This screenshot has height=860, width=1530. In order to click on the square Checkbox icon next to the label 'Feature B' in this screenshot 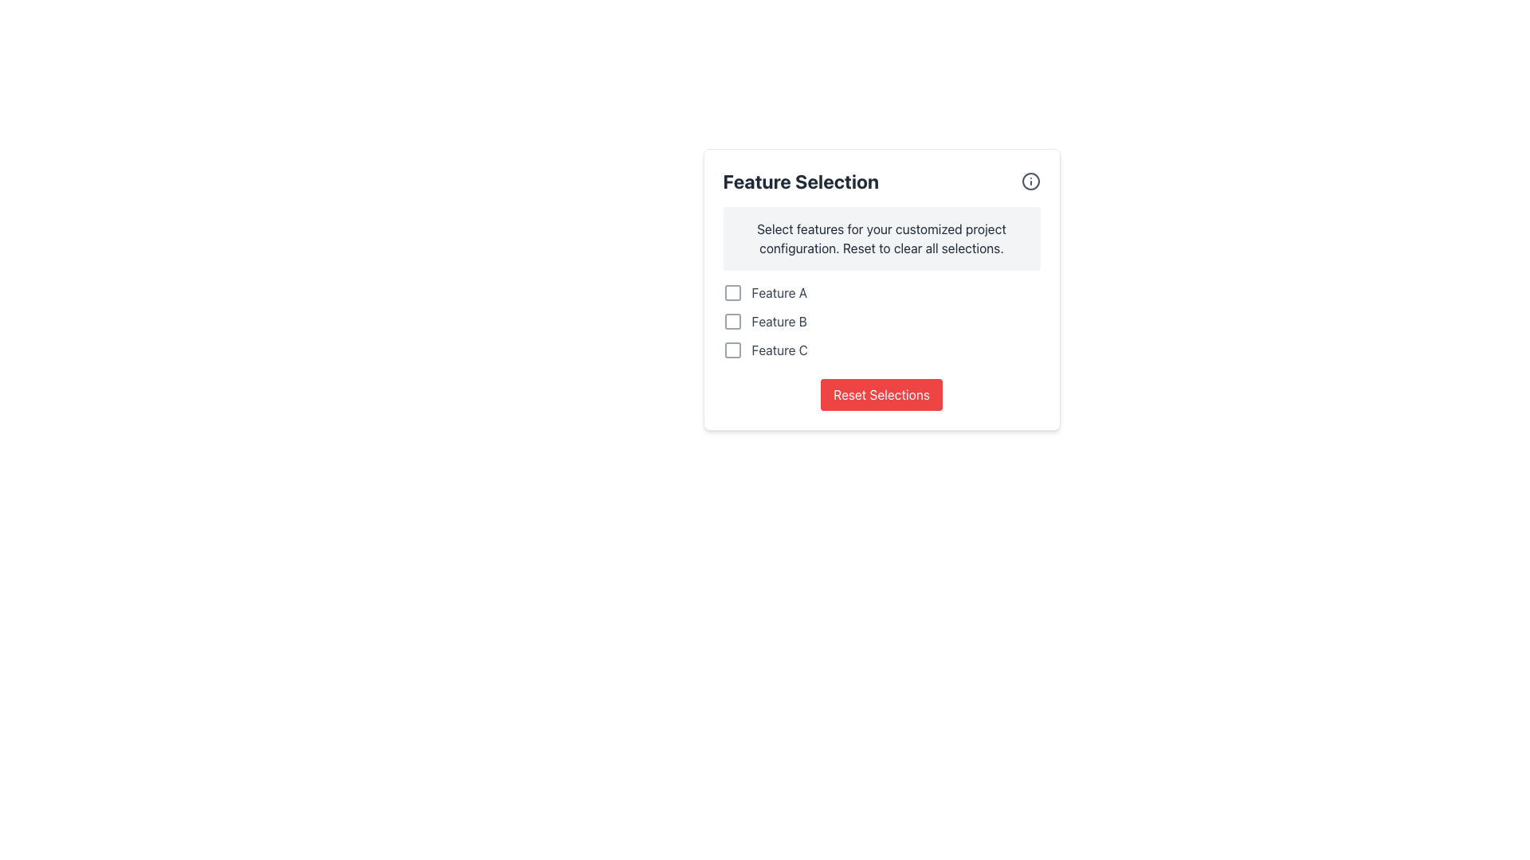, I will do `click(732, 322)`.